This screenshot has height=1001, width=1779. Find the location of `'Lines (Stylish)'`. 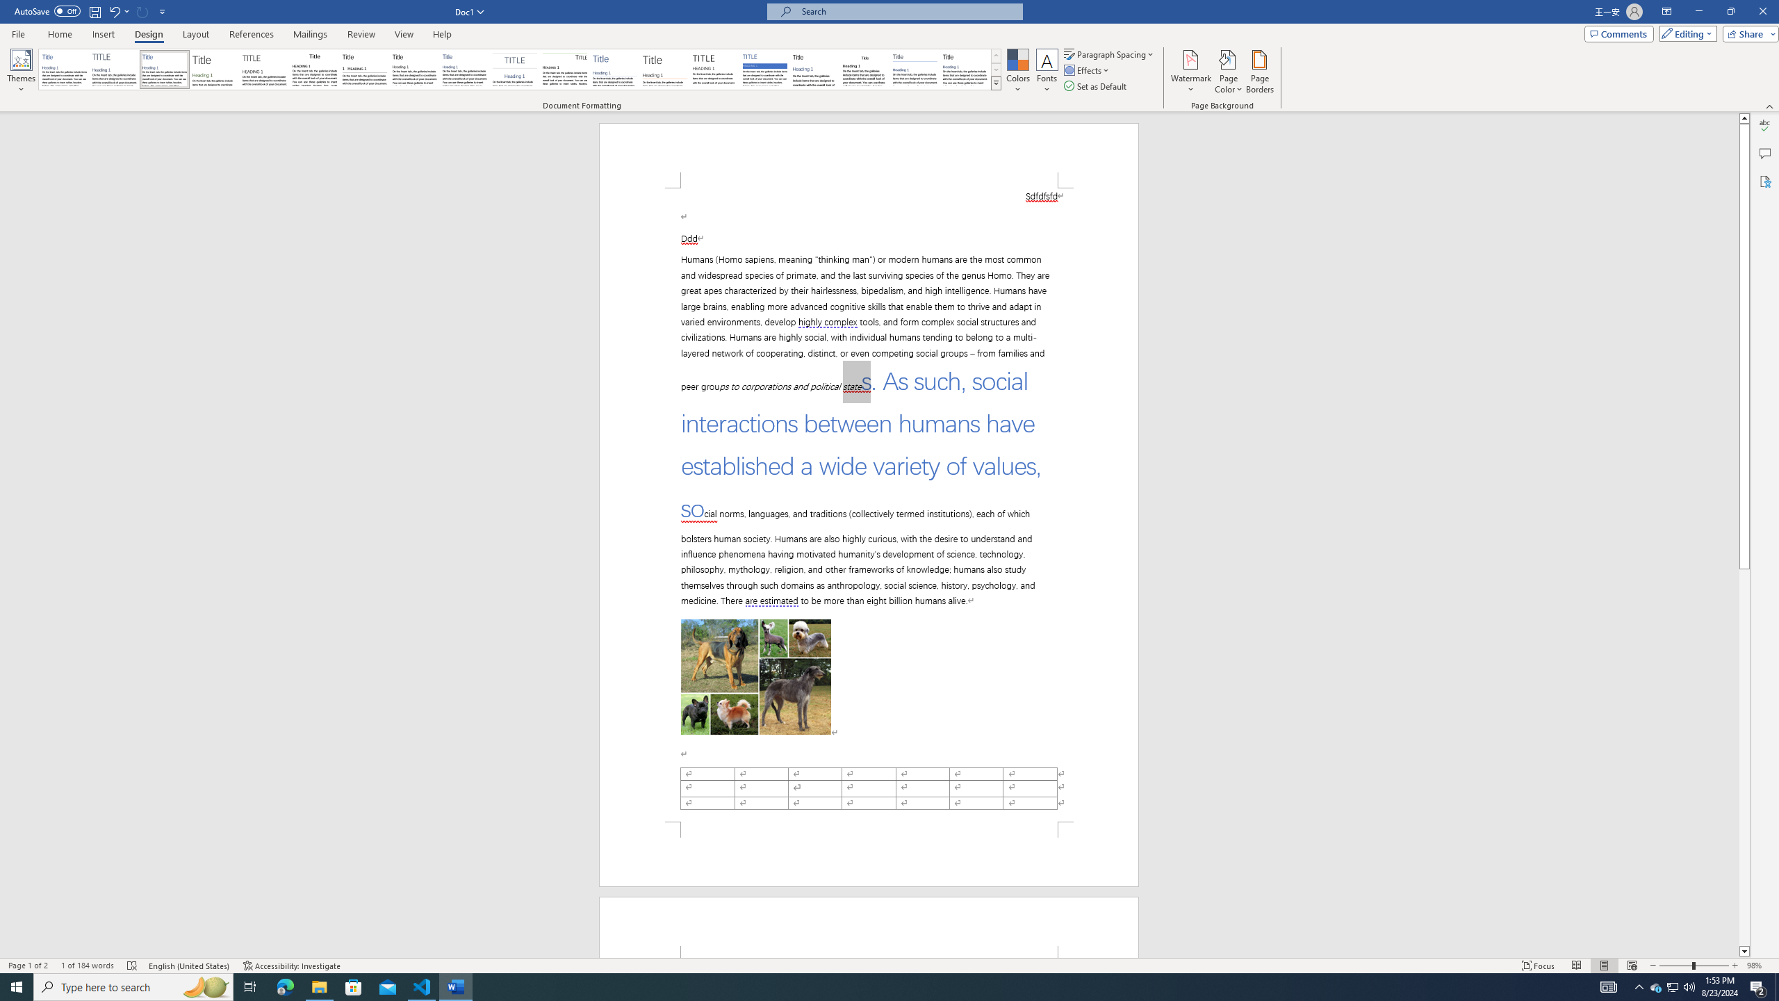

'Lines (Stylish)' is located at coordinates (665, 69).